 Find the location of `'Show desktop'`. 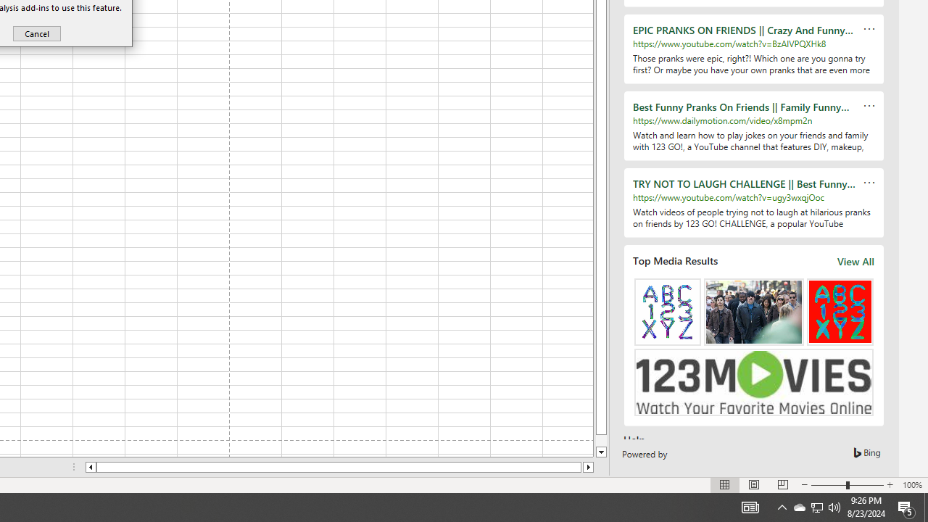

'Show desktop' is located at coordinates (925, 506).